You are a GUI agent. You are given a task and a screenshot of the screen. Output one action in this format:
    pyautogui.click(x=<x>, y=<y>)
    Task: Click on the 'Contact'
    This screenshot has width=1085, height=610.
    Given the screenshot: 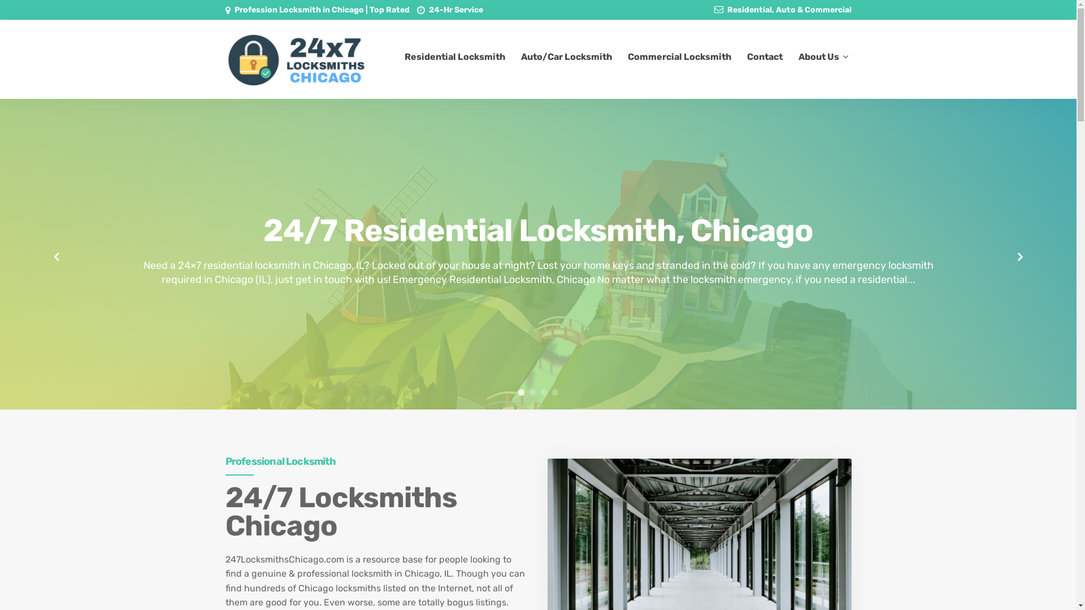 What is the action you would take?
    pyautogui.click(x=765, y=56)
    